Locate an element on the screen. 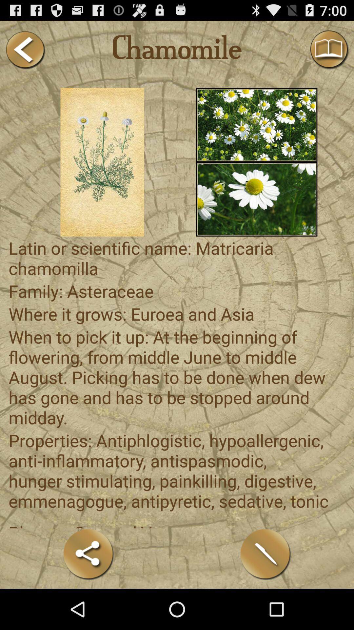  formulation is located at coordinates (265, 554).